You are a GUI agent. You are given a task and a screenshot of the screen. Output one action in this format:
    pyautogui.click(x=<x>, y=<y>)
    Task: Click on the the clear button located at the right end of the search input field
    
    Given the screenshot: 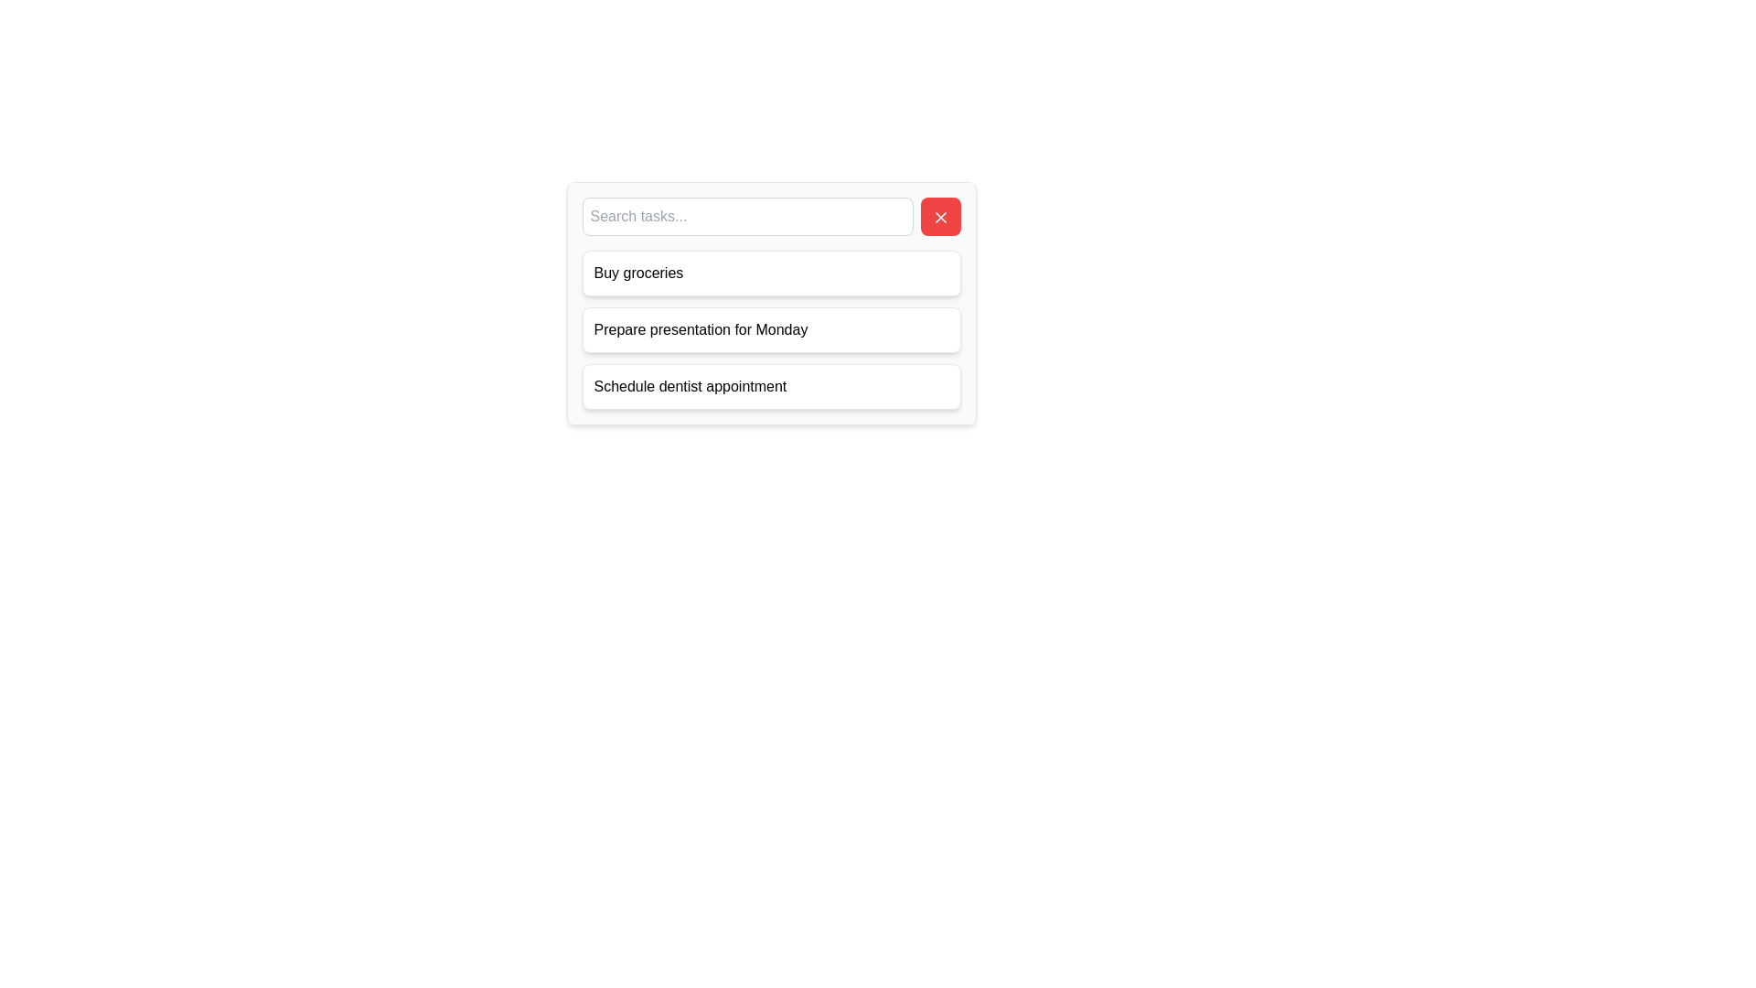 What is the action you would take?
    pyautogui.click(x=940, y=215)
    